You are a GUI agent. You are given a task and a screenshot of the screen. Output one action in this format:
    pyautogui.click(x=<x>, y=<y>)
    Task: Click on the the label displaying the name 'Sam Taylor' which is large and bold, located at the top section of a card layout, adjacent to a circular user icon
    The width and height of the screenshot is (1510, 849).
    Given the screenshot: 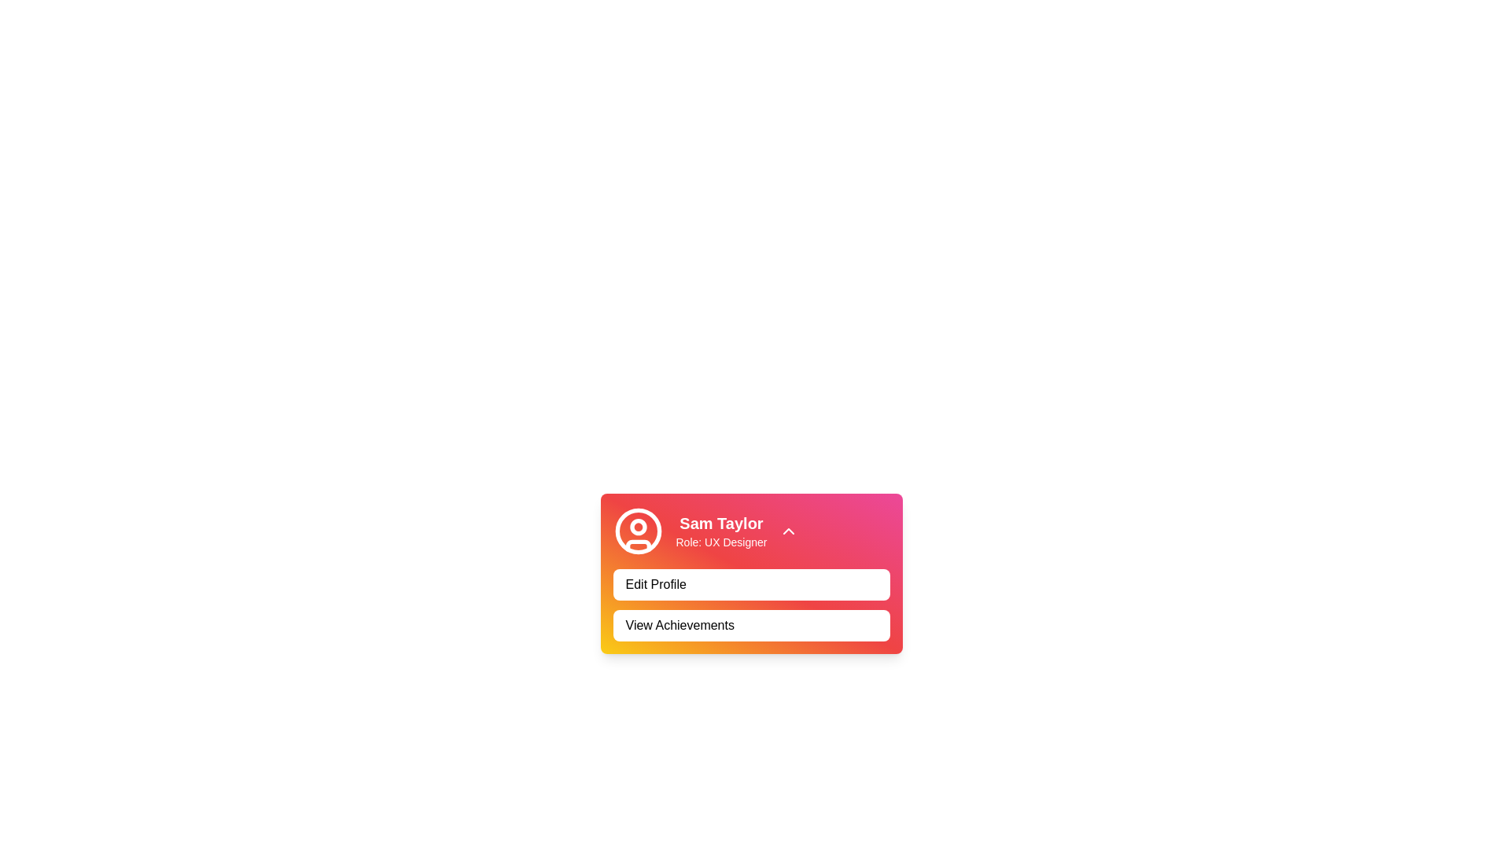 What is the action you would take?
    pyautogui.click(x=720, y=524)
    